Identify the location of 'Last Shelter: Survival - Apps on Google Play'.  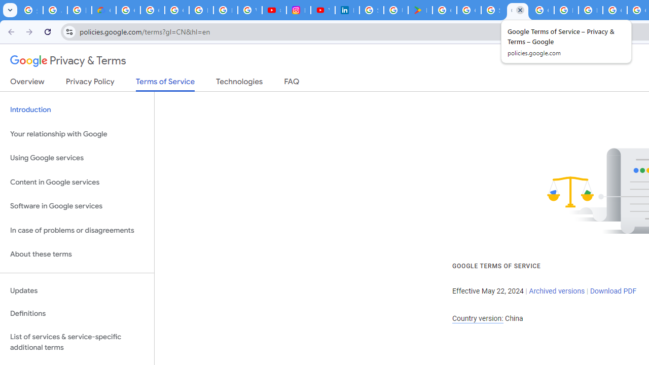
(420, 10).